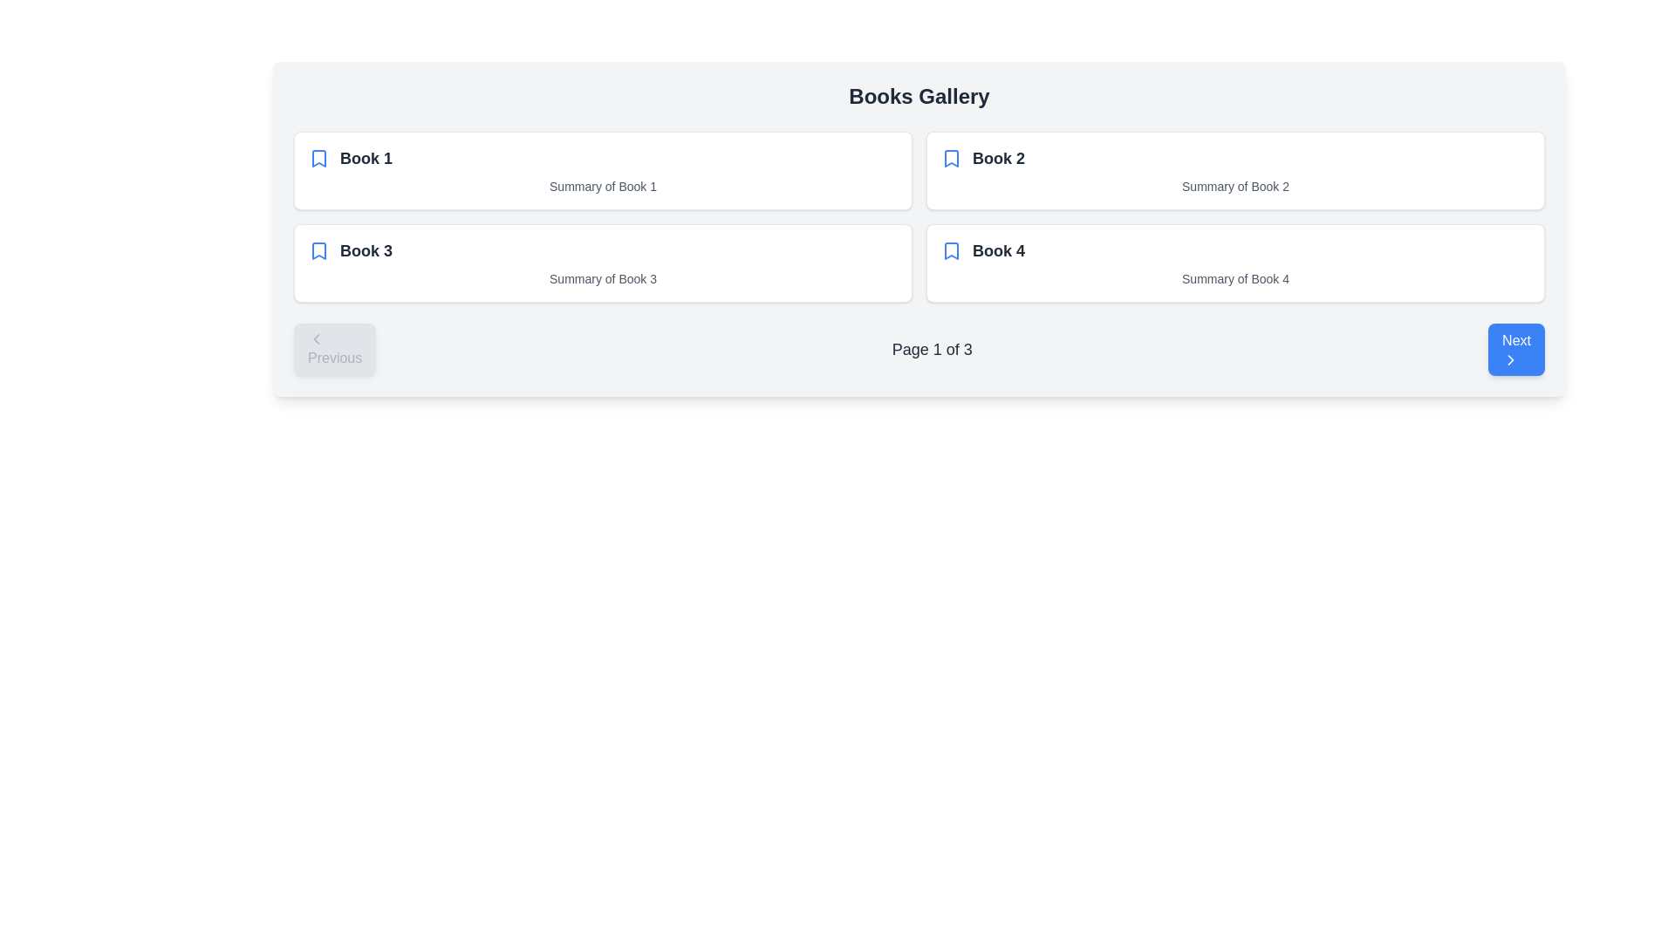  I want to click on the bold text element reading 'Books Gallery', which is centrally positioned at the top of the interface and styled in a large dark gray font, so click(919, 97).